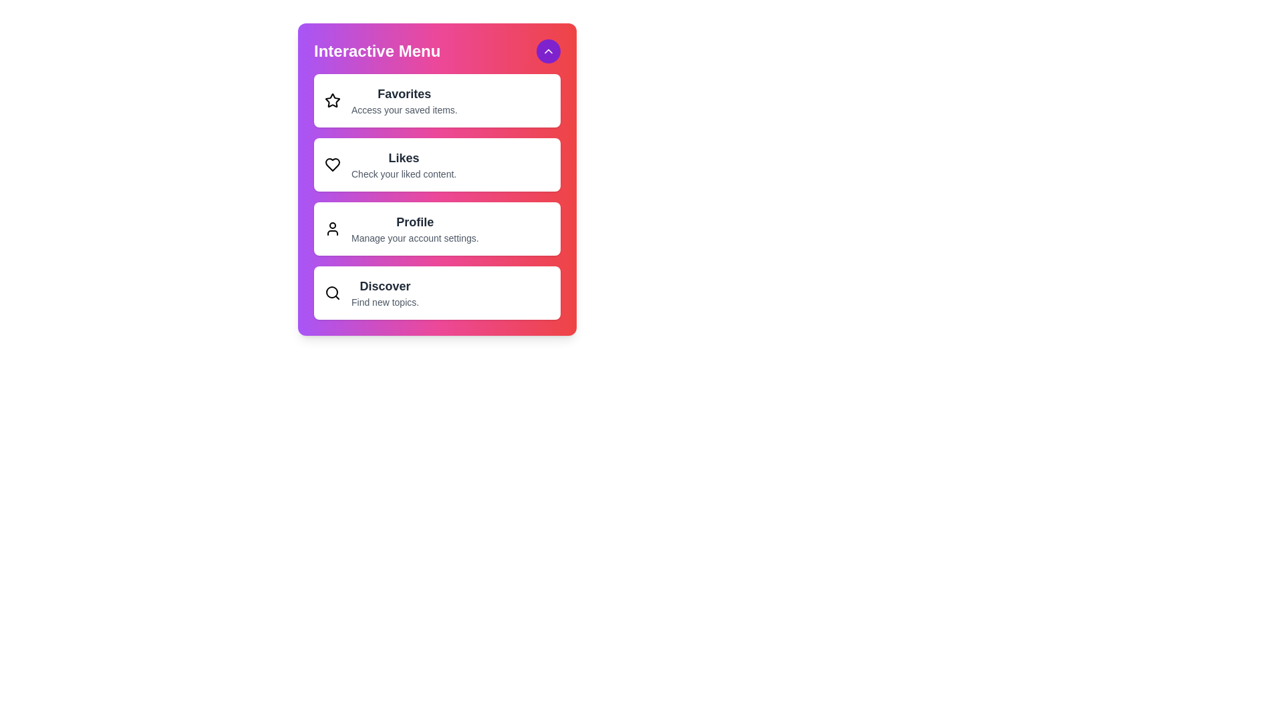 Image resolution: width=1283 pixels, height=721 pixels. What do you see at coordinates (333, 99) in the screenshot?
I see `the Favorites icon in the menu` at bounding box center [333, 99].